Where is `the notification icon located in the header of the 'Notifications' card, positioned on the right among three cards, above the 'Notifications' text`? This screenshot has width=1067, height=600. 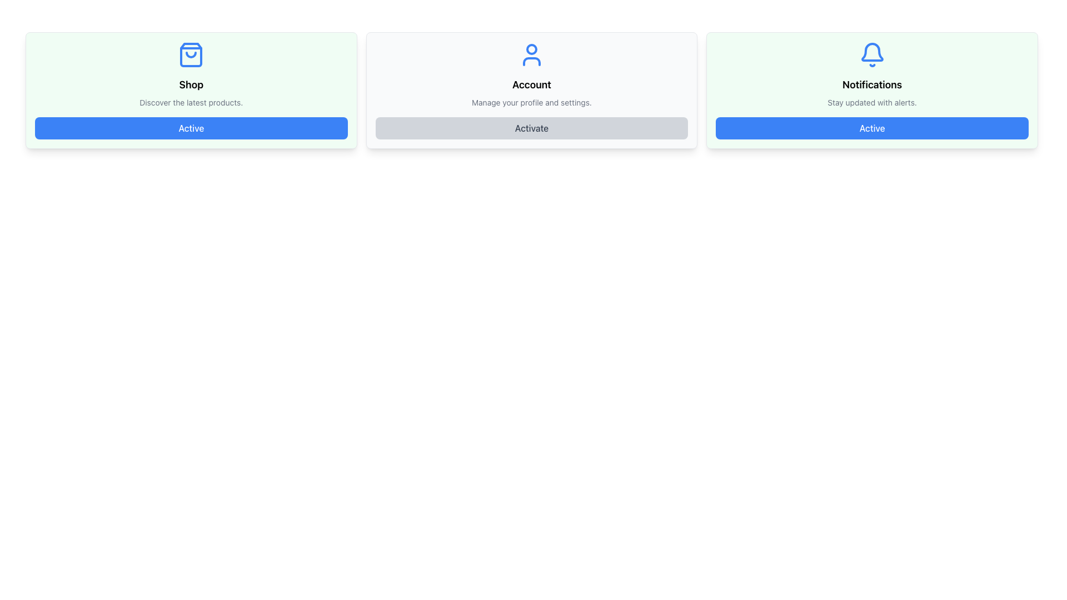
the notification icon located in the header of the 'Notifications' card, positioned on the right among three cards, above the 'Notifications' text is located at coordinates (871, 52).